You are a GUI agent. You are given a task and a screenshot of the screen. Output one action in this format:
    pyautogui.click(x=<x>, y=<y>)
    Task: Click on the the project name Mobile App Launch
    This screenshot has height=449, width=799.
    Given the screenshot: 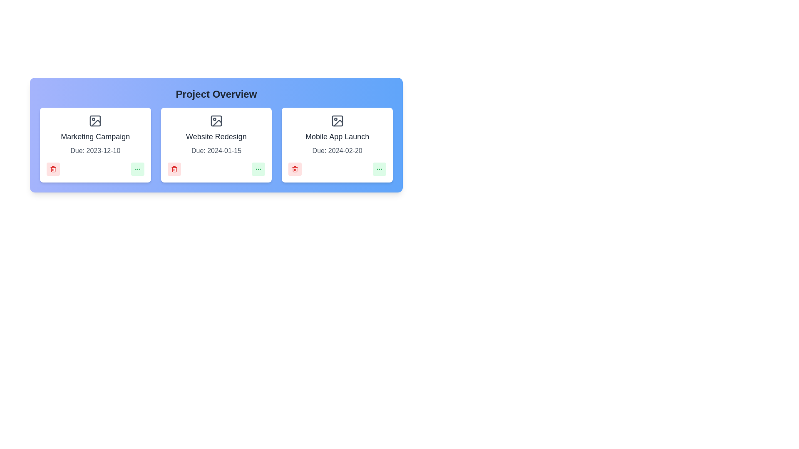 What is the action you would take?
    pyautogui.click(x=337, y=136)
    